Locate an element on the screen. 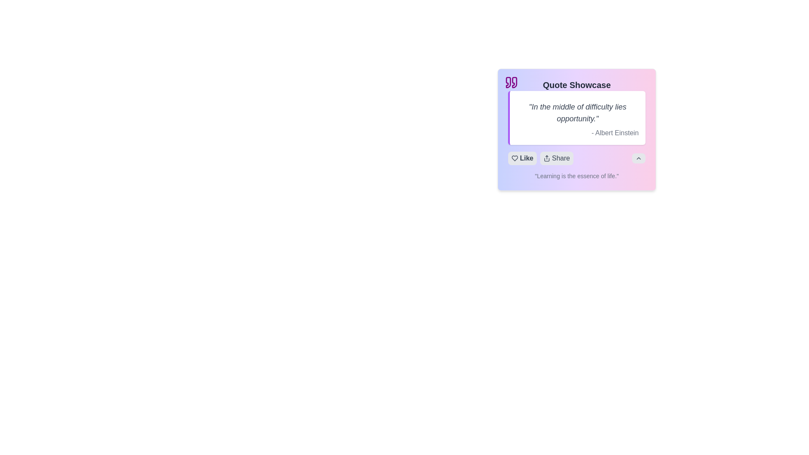  text from the header or title label located at the top center of the card with a gradient background, which introduces the content theme is located at coordinates (576, 85).